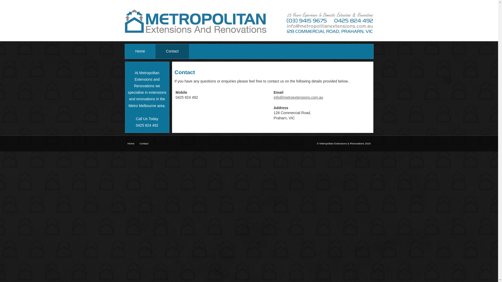  What do you see at coordinates (155, 51) in the screenshot?
I see `'Contact'` at bounding box center [155, 51].